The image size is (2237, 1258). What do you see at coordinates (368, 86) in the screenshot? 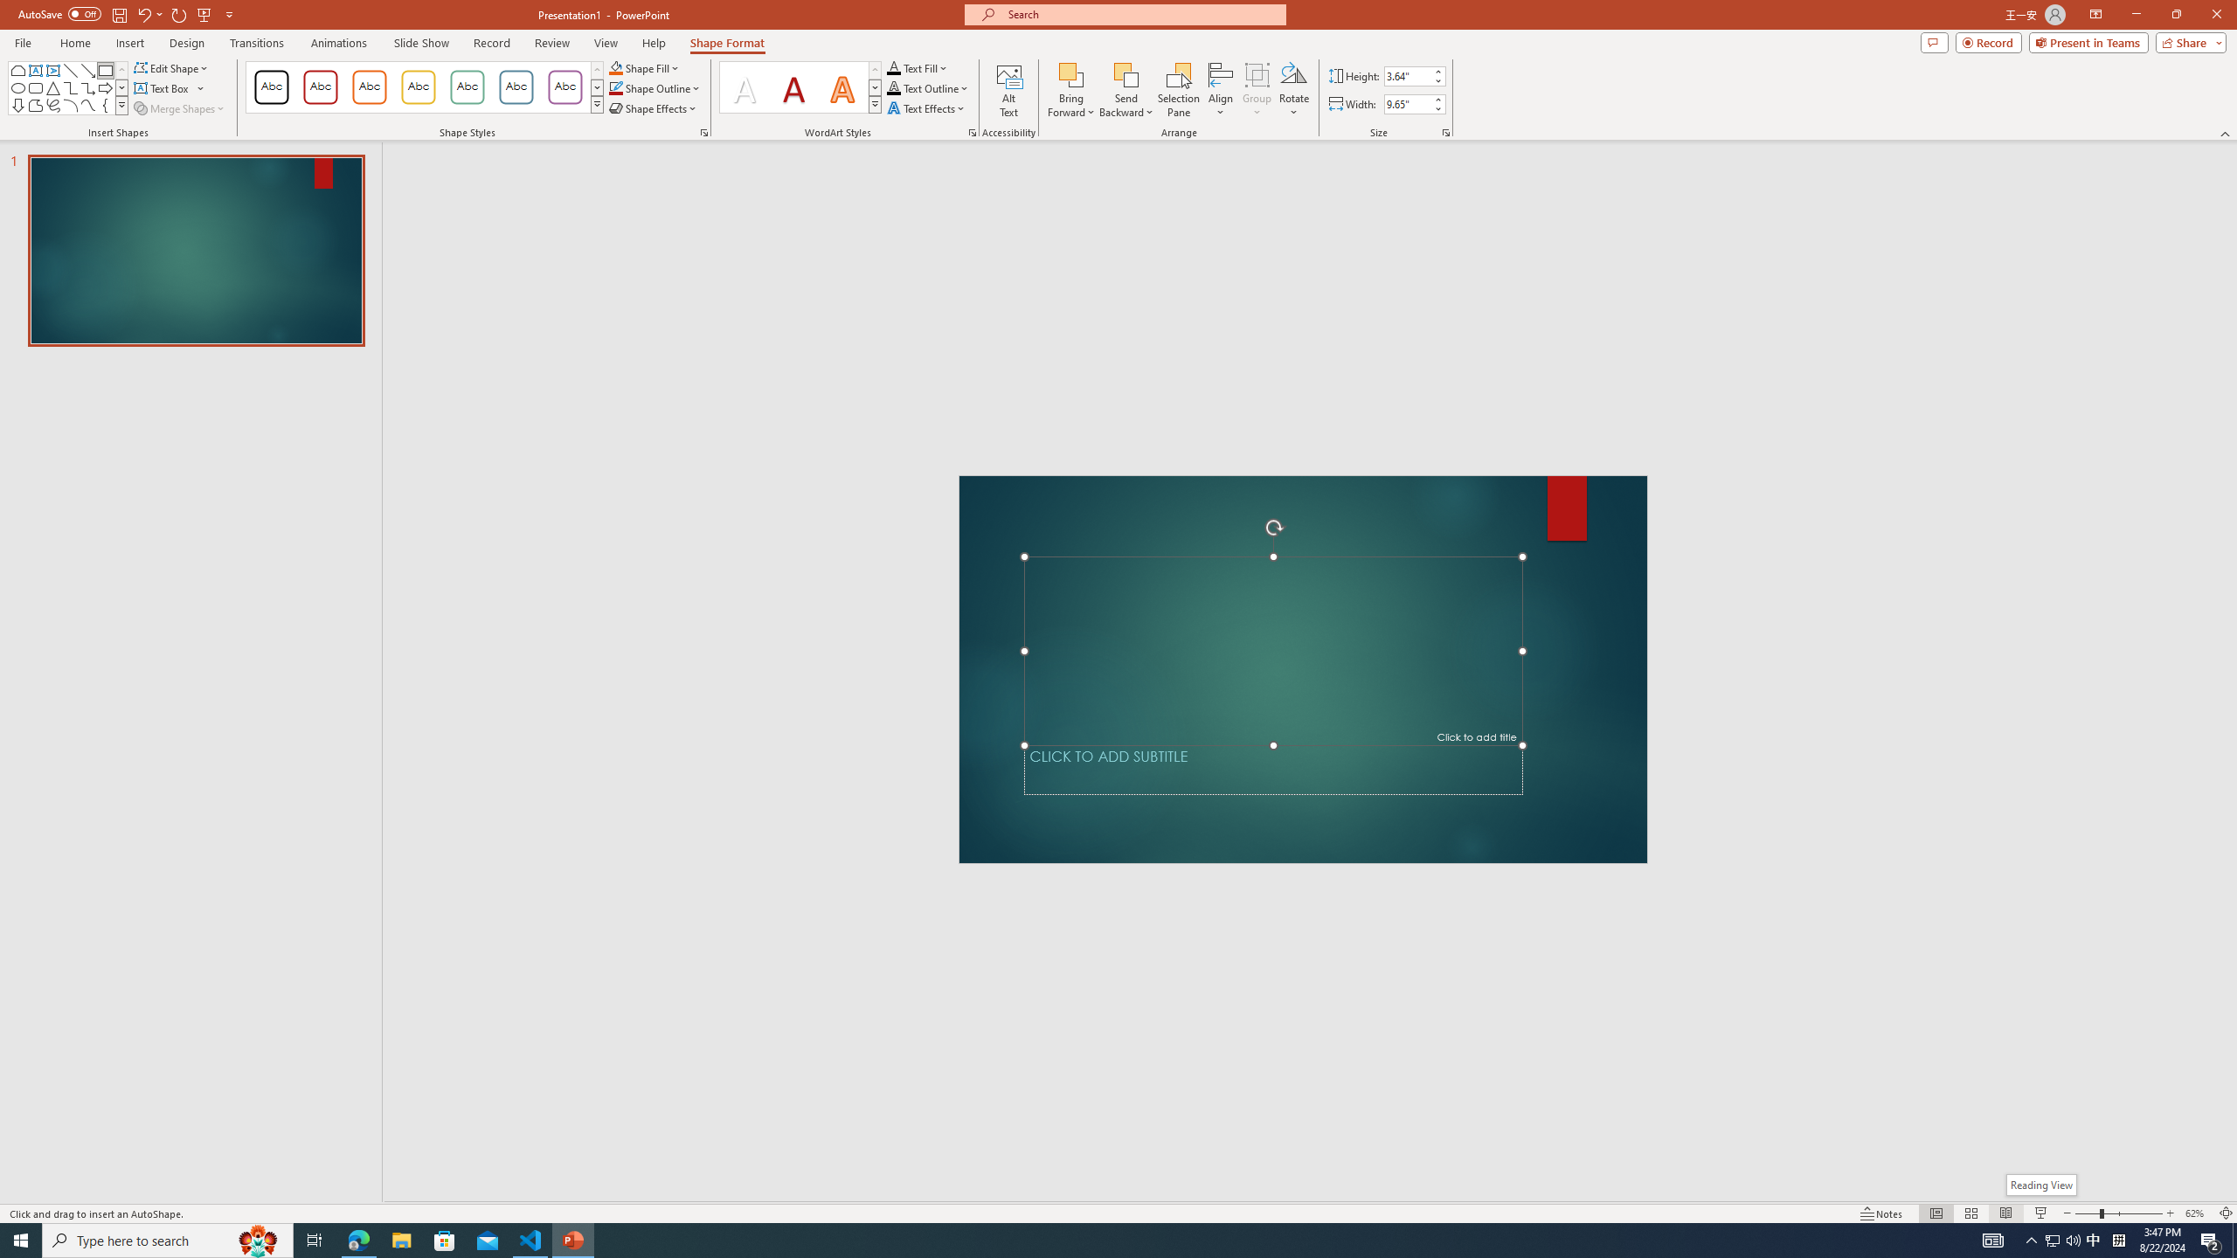
I see `'Colored Outline - Orange, Accent 2'` at bounding box center [368, 86].